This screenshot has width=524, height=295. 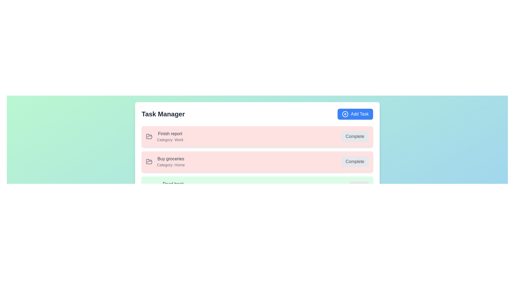 I want to click on the folder icon representing the task 'Buy groceries', which is located to the left of the task text in the task list panel, so click(x=149, y=161).